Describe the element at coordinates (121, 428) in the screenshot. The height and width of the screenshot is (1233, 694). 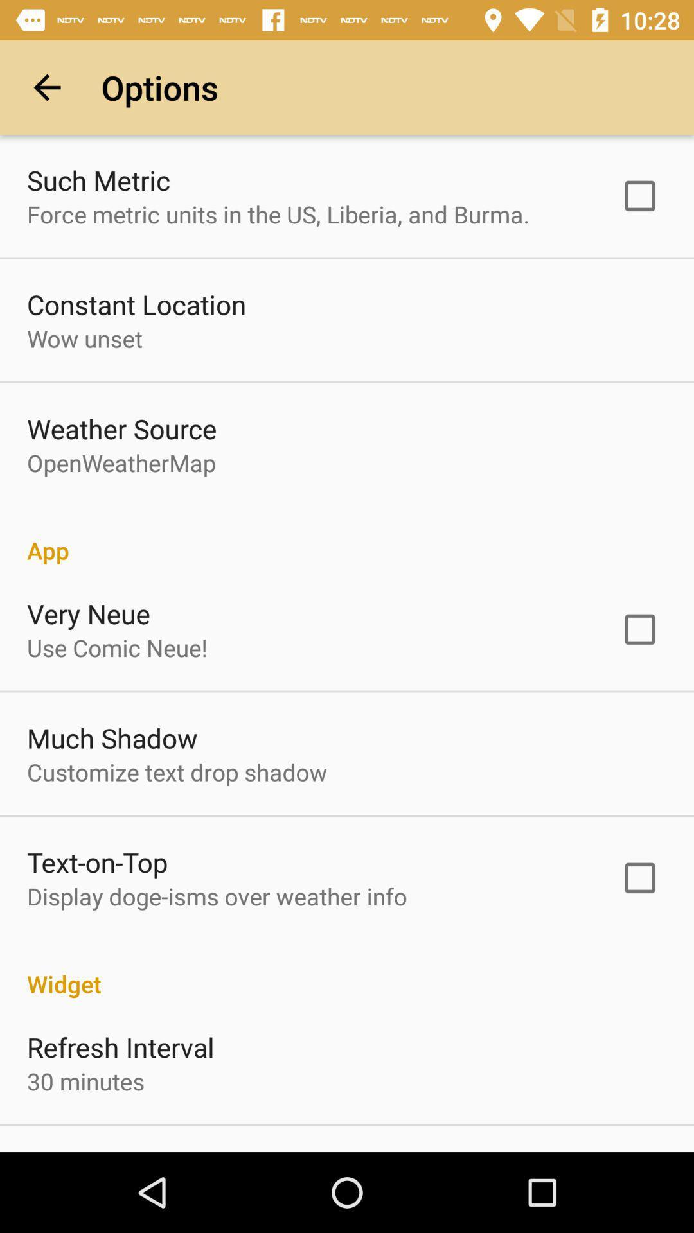
I see `app above openweathermap icon` at that location.